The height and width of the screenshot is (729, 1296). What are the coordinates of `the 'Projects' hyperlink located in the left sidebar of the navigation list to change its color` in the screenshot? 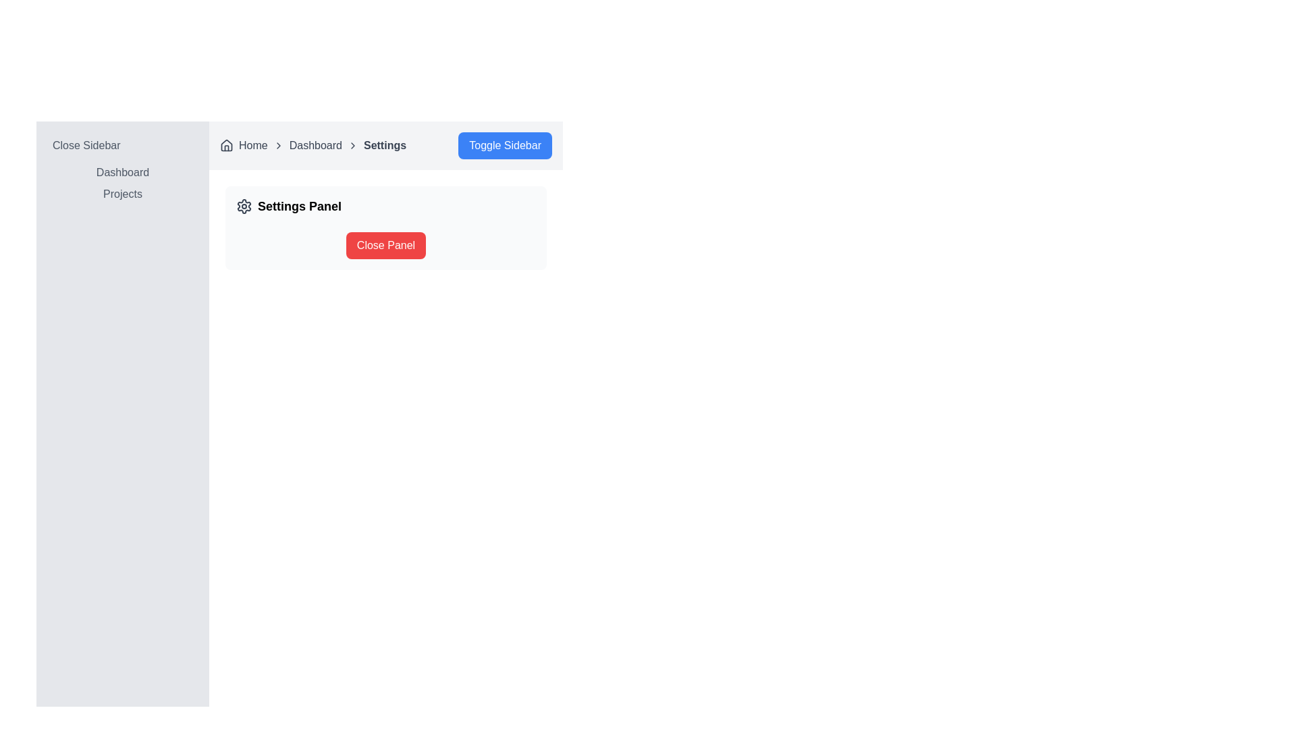 It's located at (123, 194).